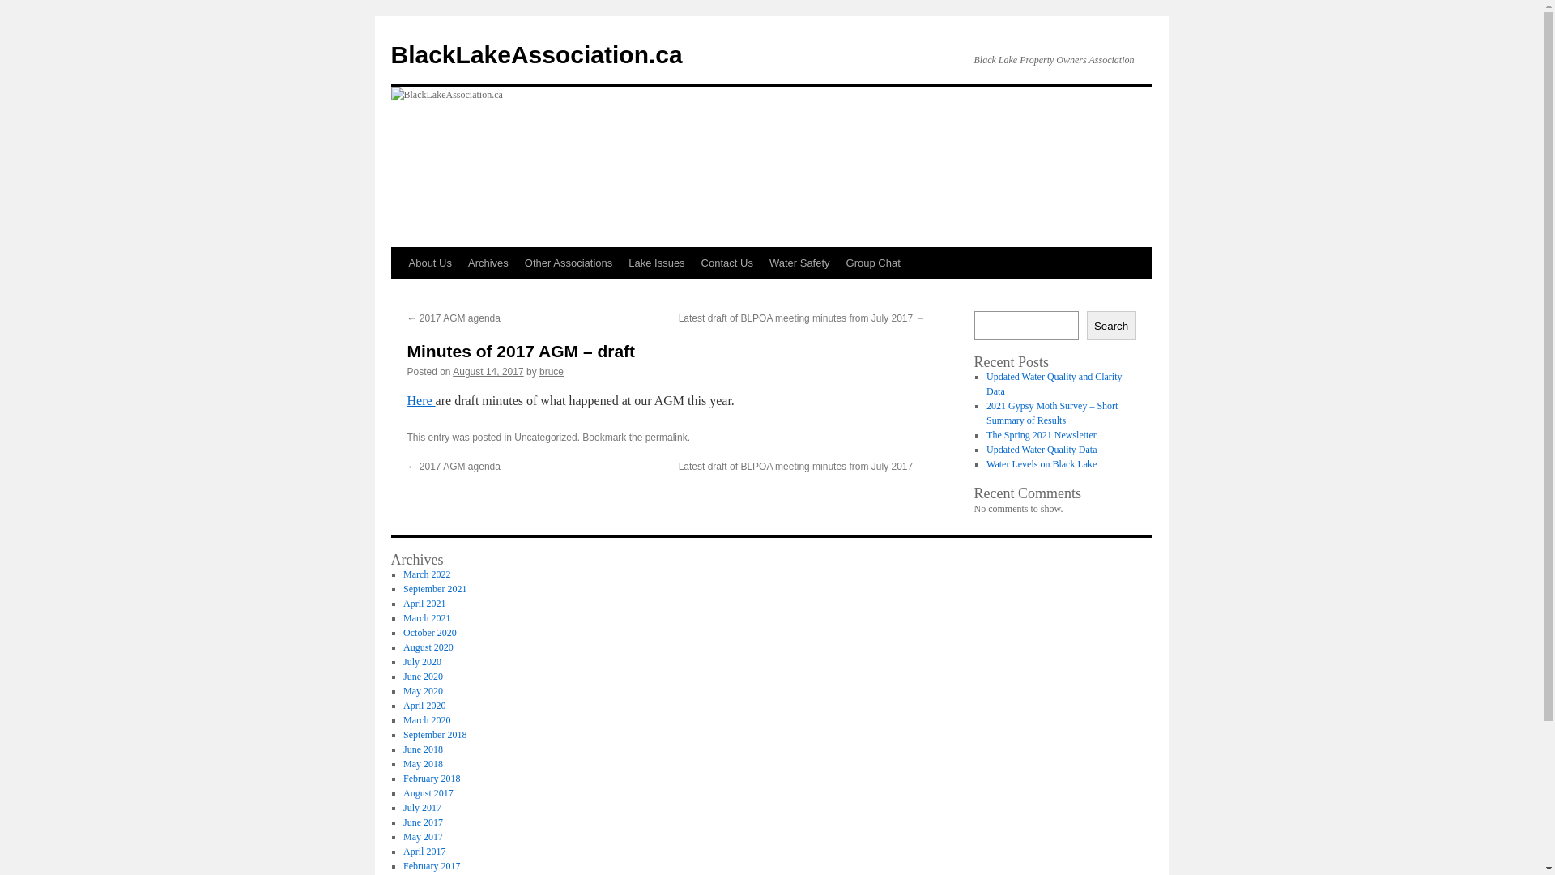  I want to click on 'April 2017', so click(424, 850).